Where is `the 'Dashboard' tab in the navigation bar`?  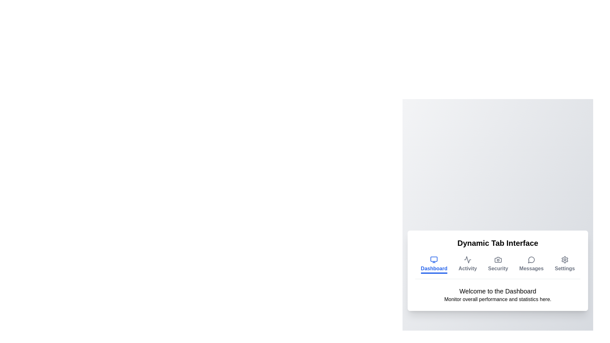 the 'Dashboard' tab in the navigation bar is located at coordinates (434, 265).